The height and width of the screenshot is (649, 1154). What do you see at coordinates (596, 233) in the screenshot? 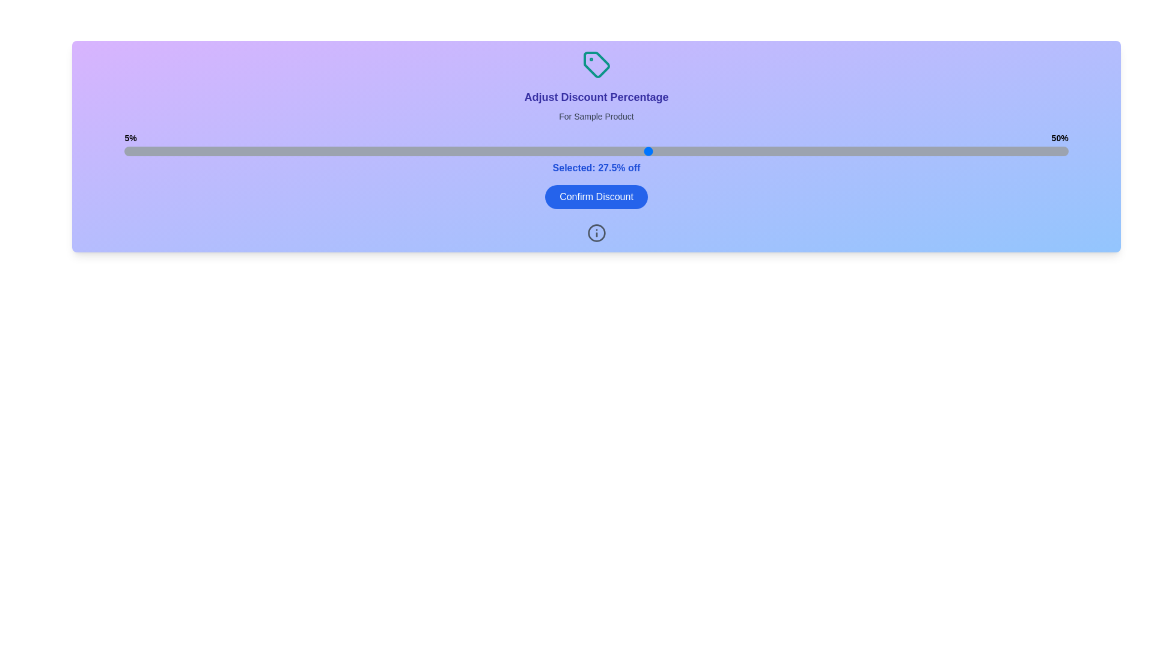
I see `the circular icon with a noticeable border and a small dot in its center, located near the bottom center of the visible area, just underneath the 'Confirm Discount' button` at bounding box center [596, 233].